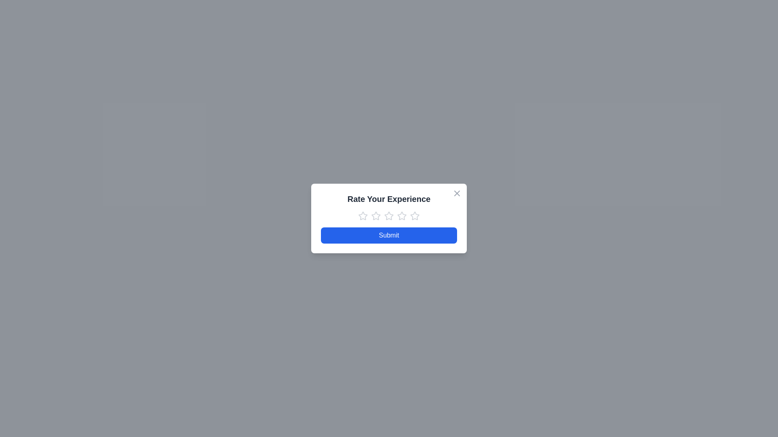 This screenshot has width=778, height=437. What do you see at coordinates (389, 215) in the screenshot?
I see `the star corresponding to 3 to rate the experience` at bounding box center [389, 215].